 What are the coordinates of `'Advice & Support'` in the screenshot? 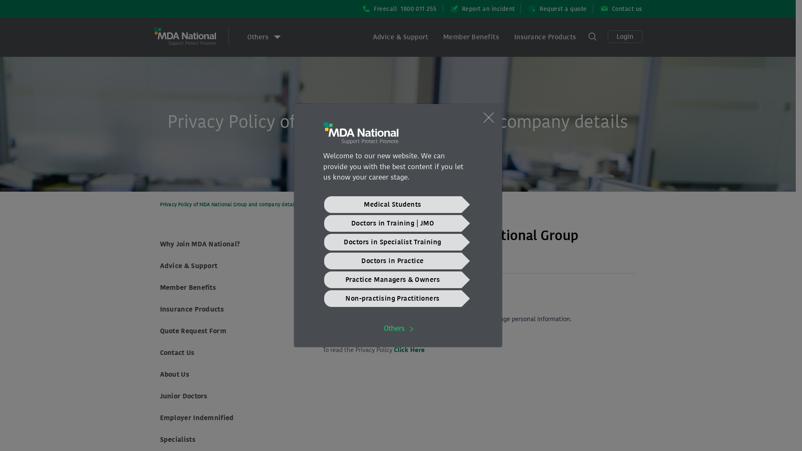 It's located at (400, 36).